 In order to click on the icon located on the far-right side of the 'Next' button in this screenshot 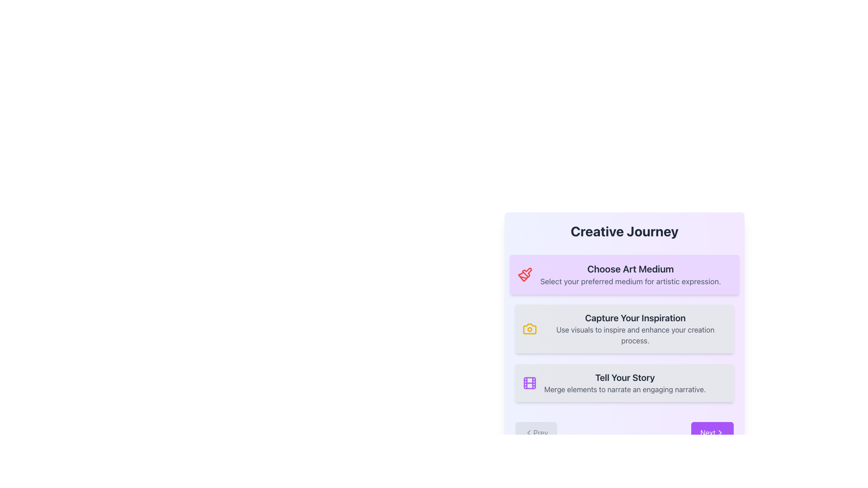, I will do `click(720, 432)`.